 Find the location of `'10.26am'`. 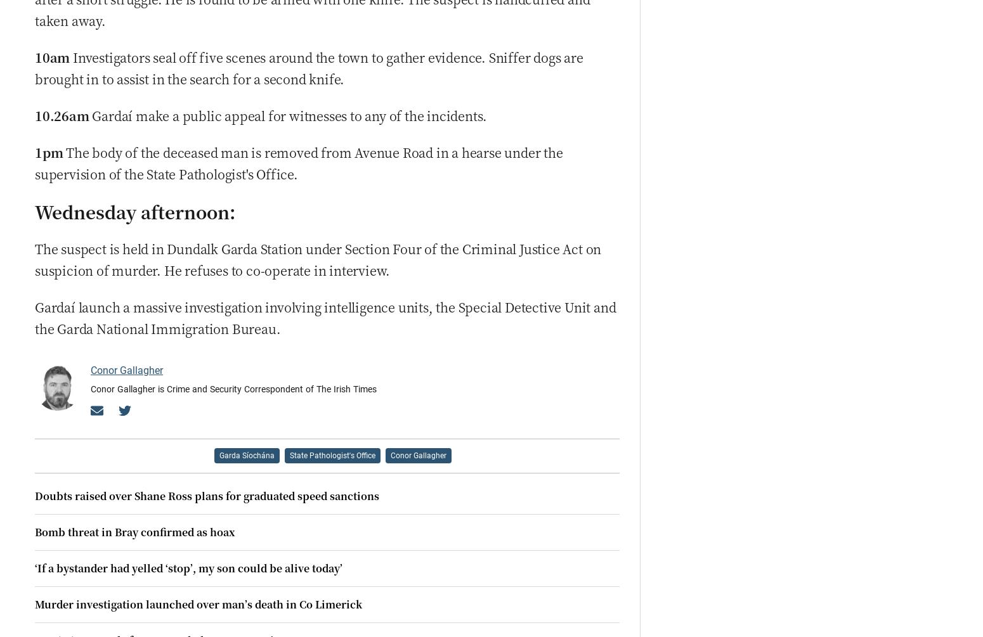

'10.26am' is located at coordinates (34, 114).